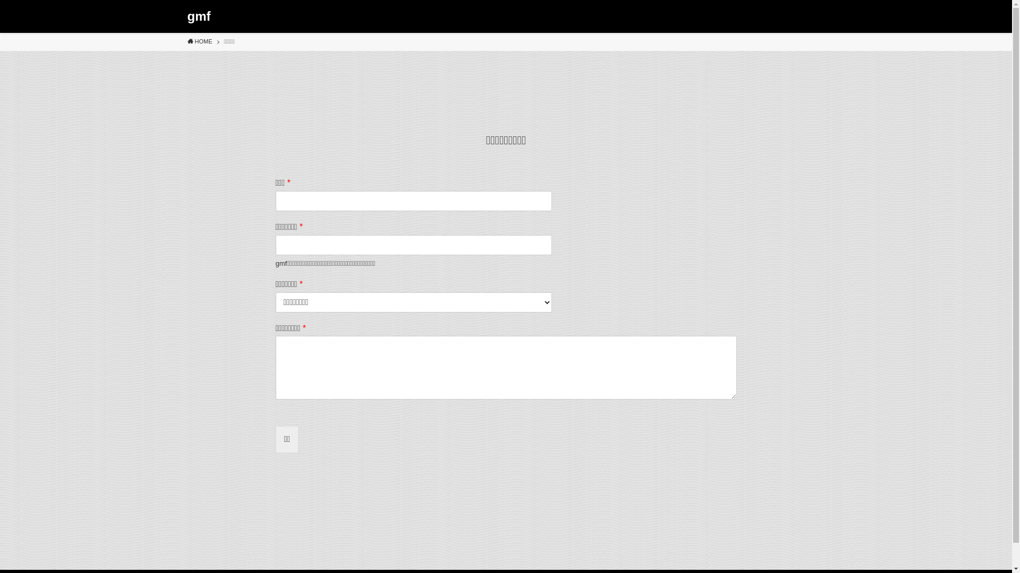 This screenshot has height=573, width=1020. Describe the element at coordinates (186, 41) in the screenshot. I see `'HOME'` at that location.